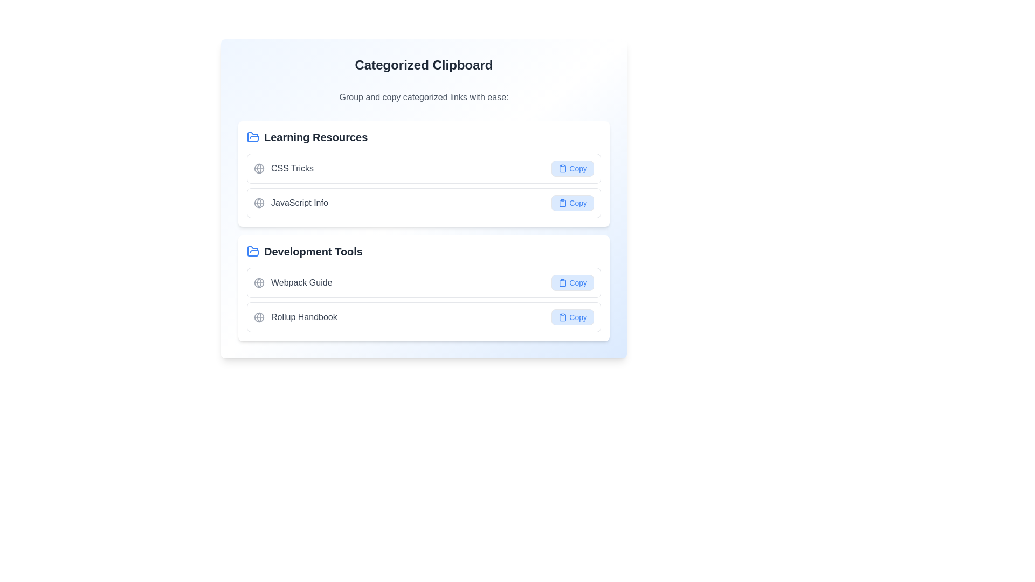 Image resolution: width=1035 pixels, height=582 pixels. What do you see at coordinates (253, 251) in the screenshot?
I see `the appearance of the folder icon representing the 'Development Tools' section, located in the top-left corner adjacent to the text 'Development Tools'` at bounding box center [253, 251].